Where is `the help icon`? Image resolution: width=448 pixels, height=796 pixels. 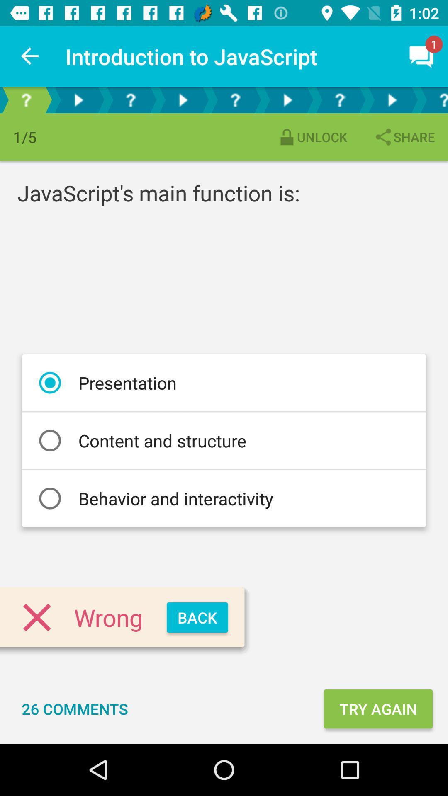 the help icon is located at coordinates (25, 99).